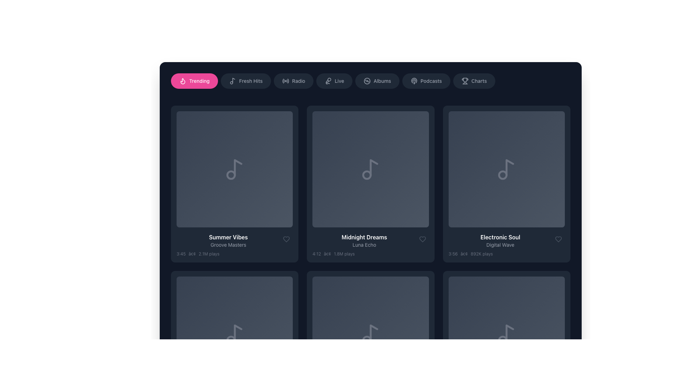  What do you see at coordinates (502, 174) in the screenshot?
I see `the SVG circle element that is part of the music note icon located in the top area of the 'Electronic Soul' card` at bounding box center [502, 174].